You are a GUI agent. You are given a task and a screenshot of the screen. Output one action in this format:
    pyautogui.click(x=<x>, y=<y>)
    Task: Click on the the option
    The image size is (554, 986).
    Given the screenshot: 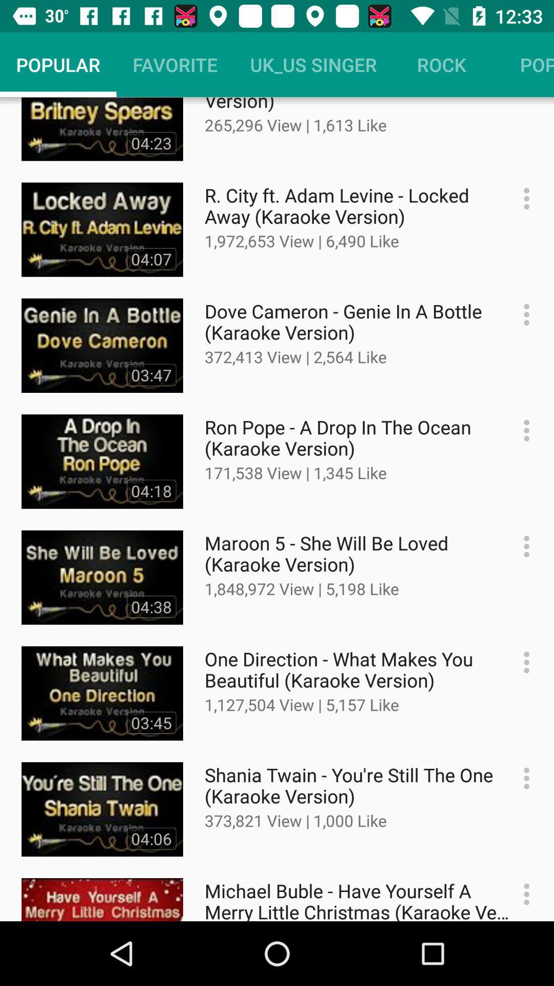 What is the action you would take?
    pyautogui.click(x=521, y=546)
    